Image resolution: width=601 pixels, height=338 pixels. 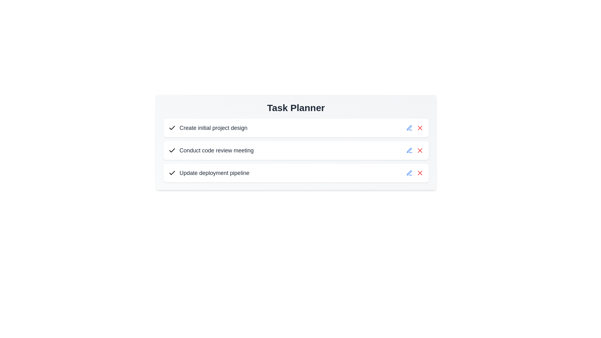 What do you see at coordinates (172, 127) in the screenshot?
I see `the checkmark icon next to the 'Create initial project design' text` at bounding box center [172, 127].